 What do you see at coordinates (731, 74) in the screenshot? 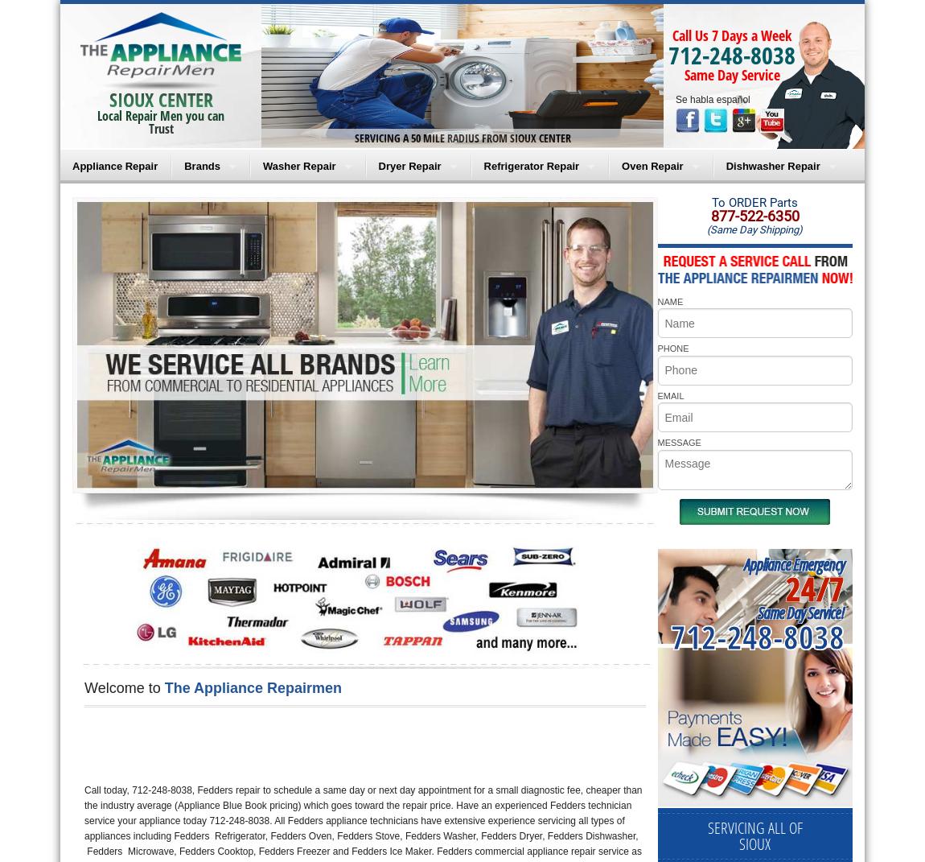
I see `'Same Day Service'` at bounding box center [731, 74].